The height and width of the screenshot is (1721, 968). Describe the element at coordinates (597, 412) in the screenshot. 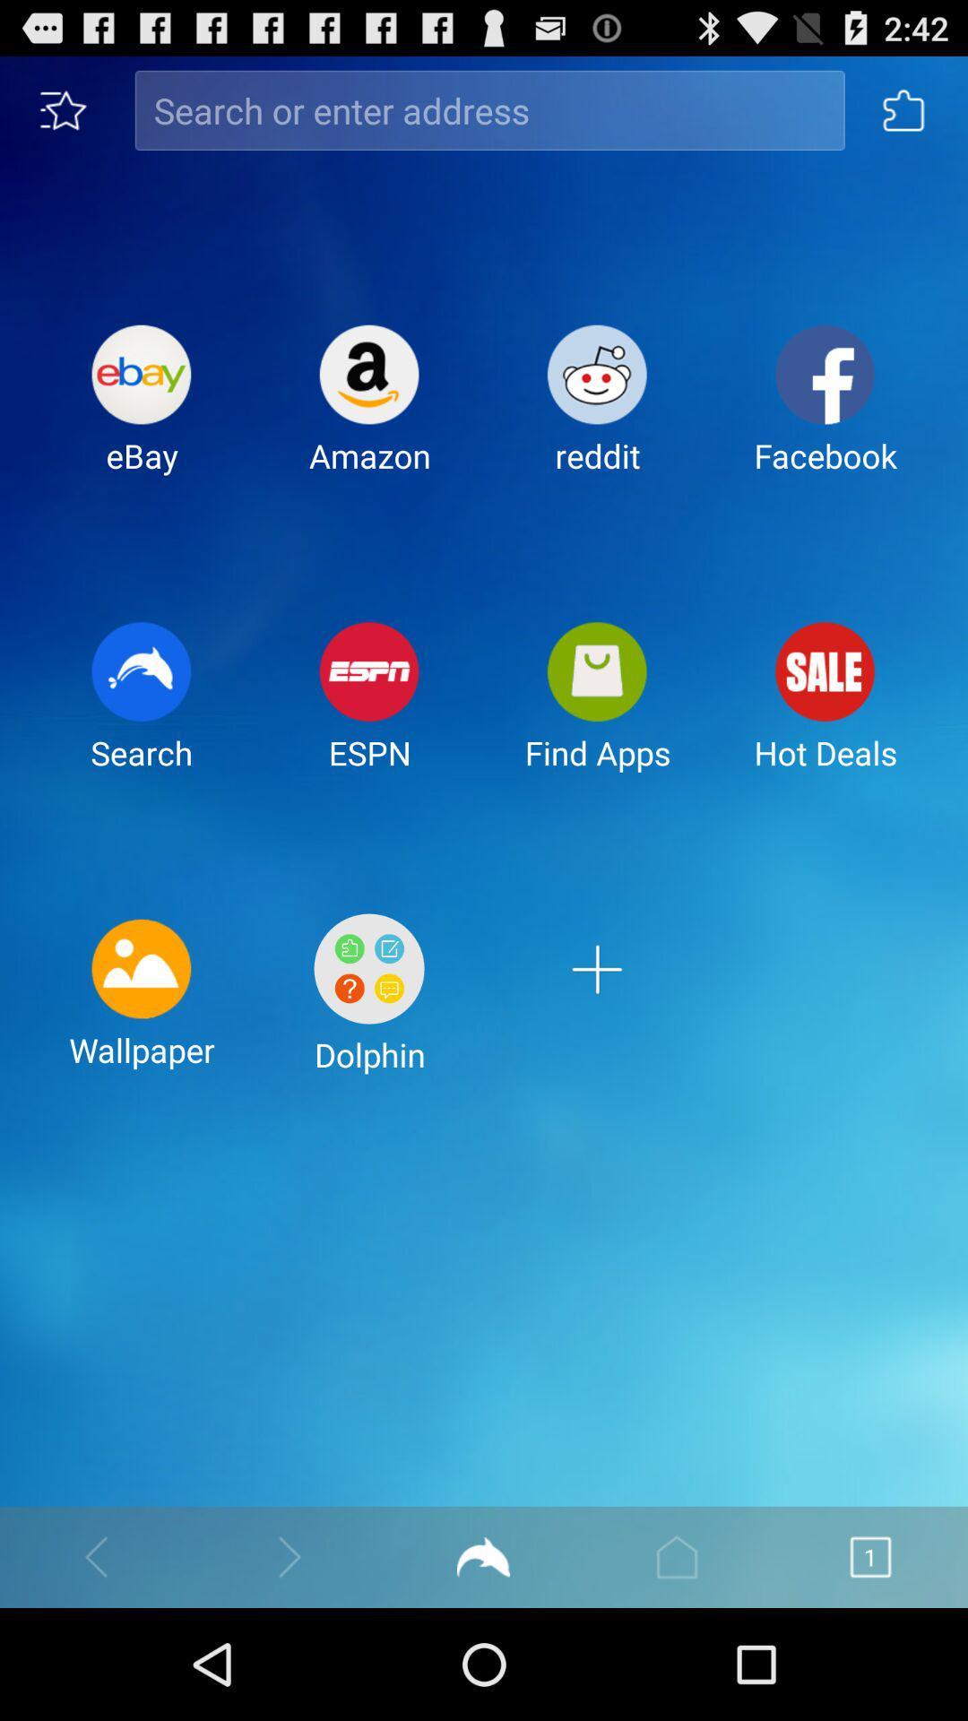

I see `the reddit item` at that location.